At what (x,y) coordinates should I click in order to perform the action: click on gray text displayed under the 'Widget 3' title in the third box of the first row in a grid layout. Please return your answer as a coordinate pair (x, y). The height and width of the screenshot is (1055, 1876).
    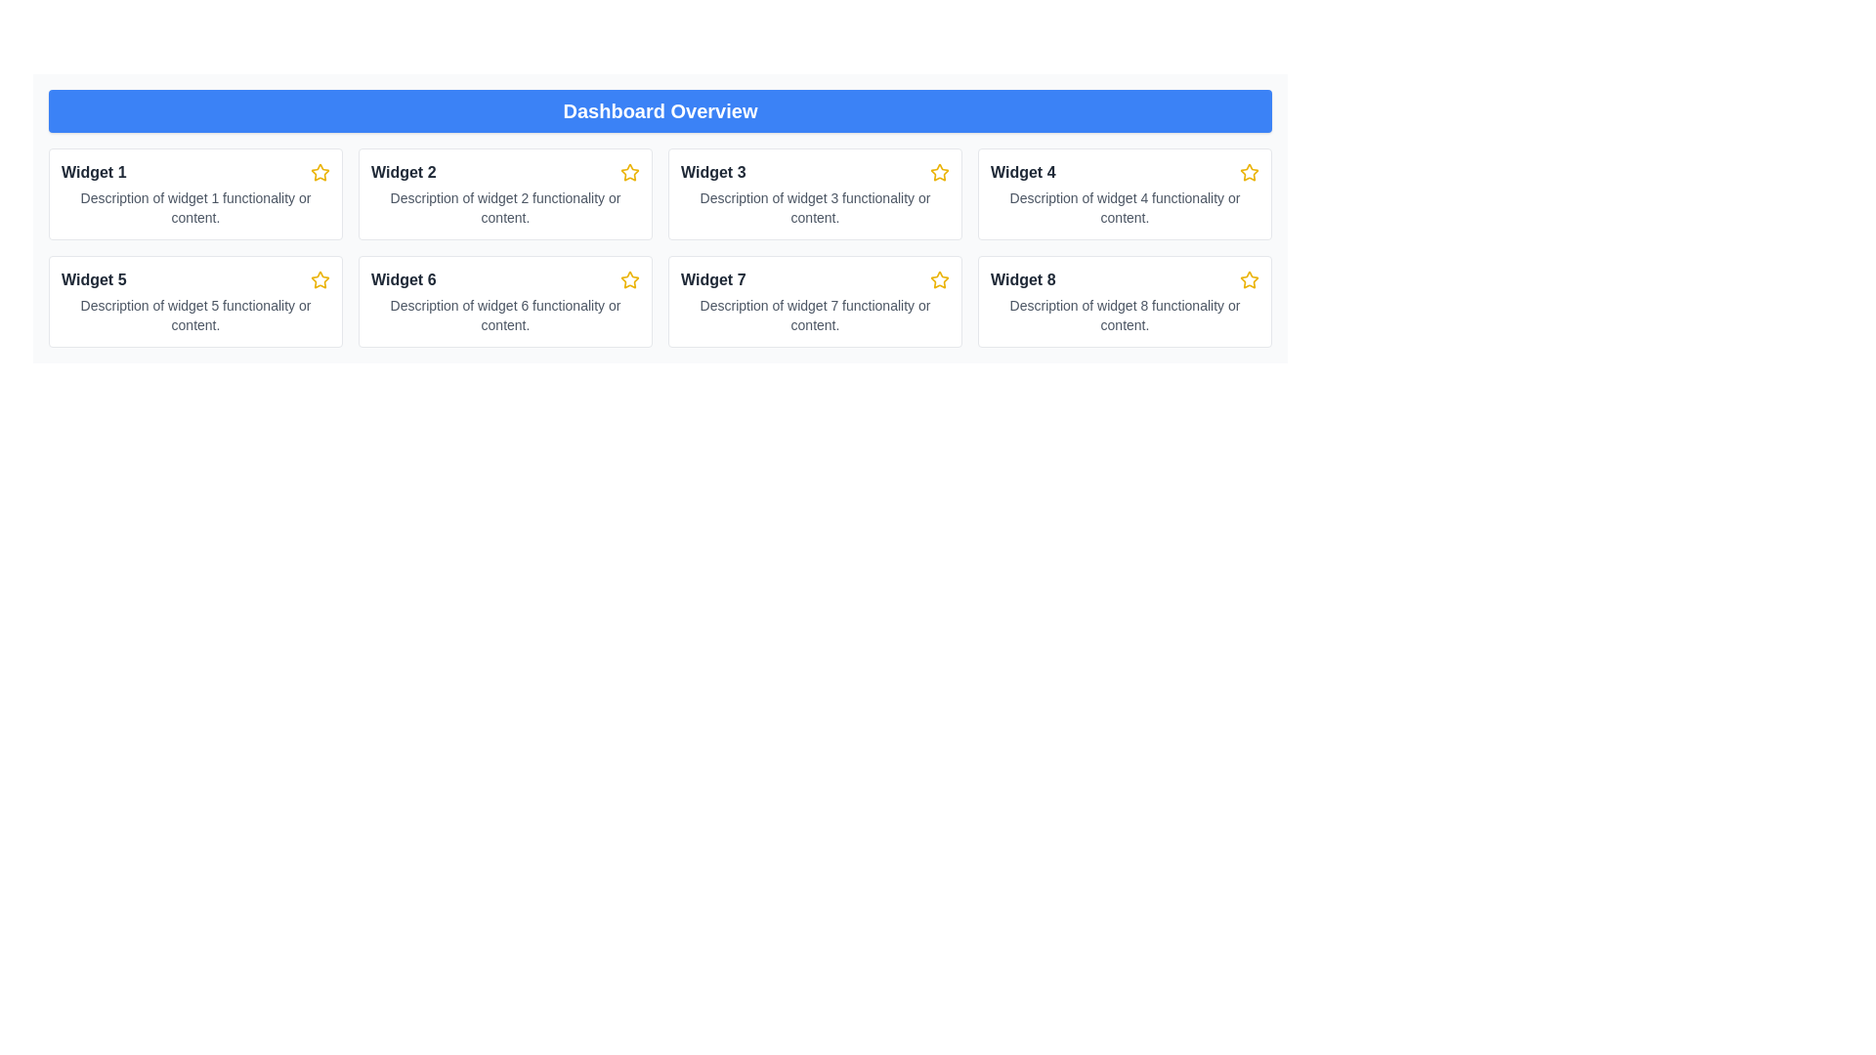
    Looking at the image, I should click on (815, 207).